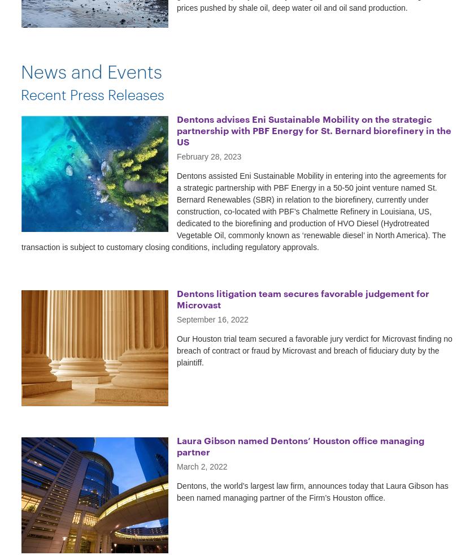 This screenshot has height=555, width=474. Describe the element at coordinates (314, 350) in the screenshot. I see `'Our Houston trial team secured a favorable jury verdict for Microvast finding no breach of contract or fraud by Microvast and breach of fiduciary duty by the plaintiff.'` at that location.